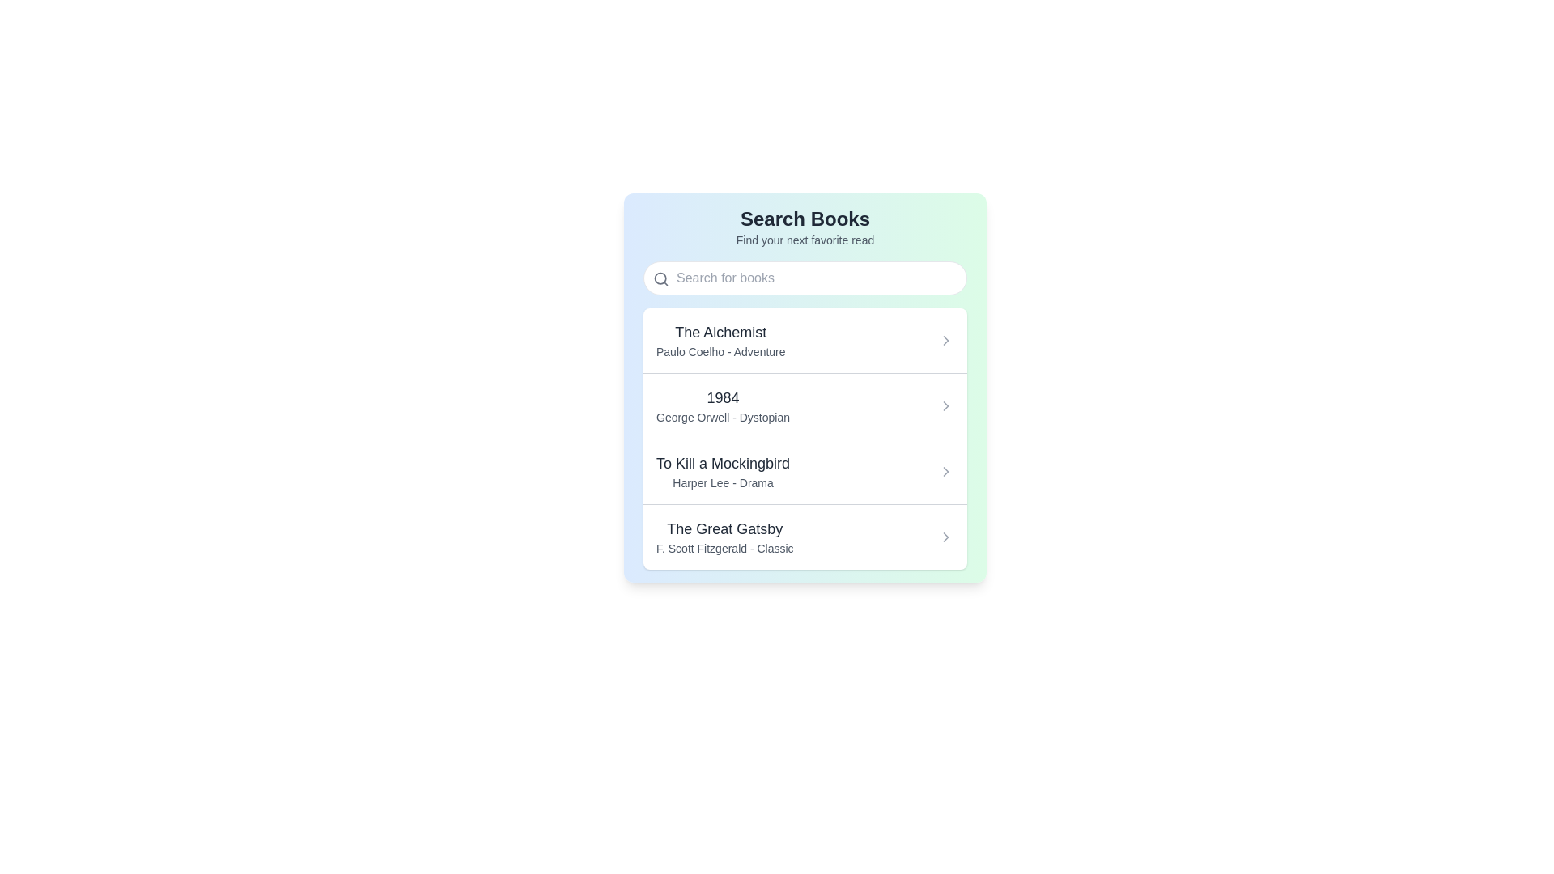 Image resolution: width=1554 pixels, height=874 pixels. What do you see at coordinates (805, 240) in the screenshot?
I see `static text label below the 'Search Books' title to understand its context and purpose for inviting users to find their next favorite book` at bounding box center [805, 240].